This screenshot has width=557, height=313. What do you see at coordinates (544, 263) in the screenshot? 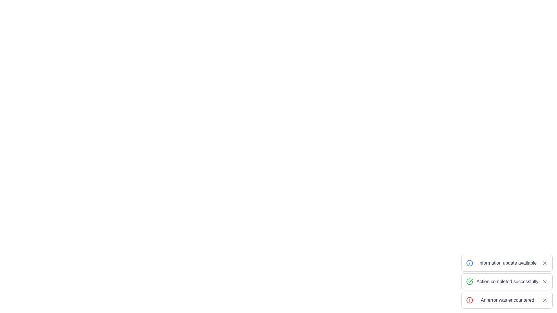
I see `the small gray button with a cross icon located at the far right end of the notification pane labeled 'Information update available'` at bounding box center [544, 263].